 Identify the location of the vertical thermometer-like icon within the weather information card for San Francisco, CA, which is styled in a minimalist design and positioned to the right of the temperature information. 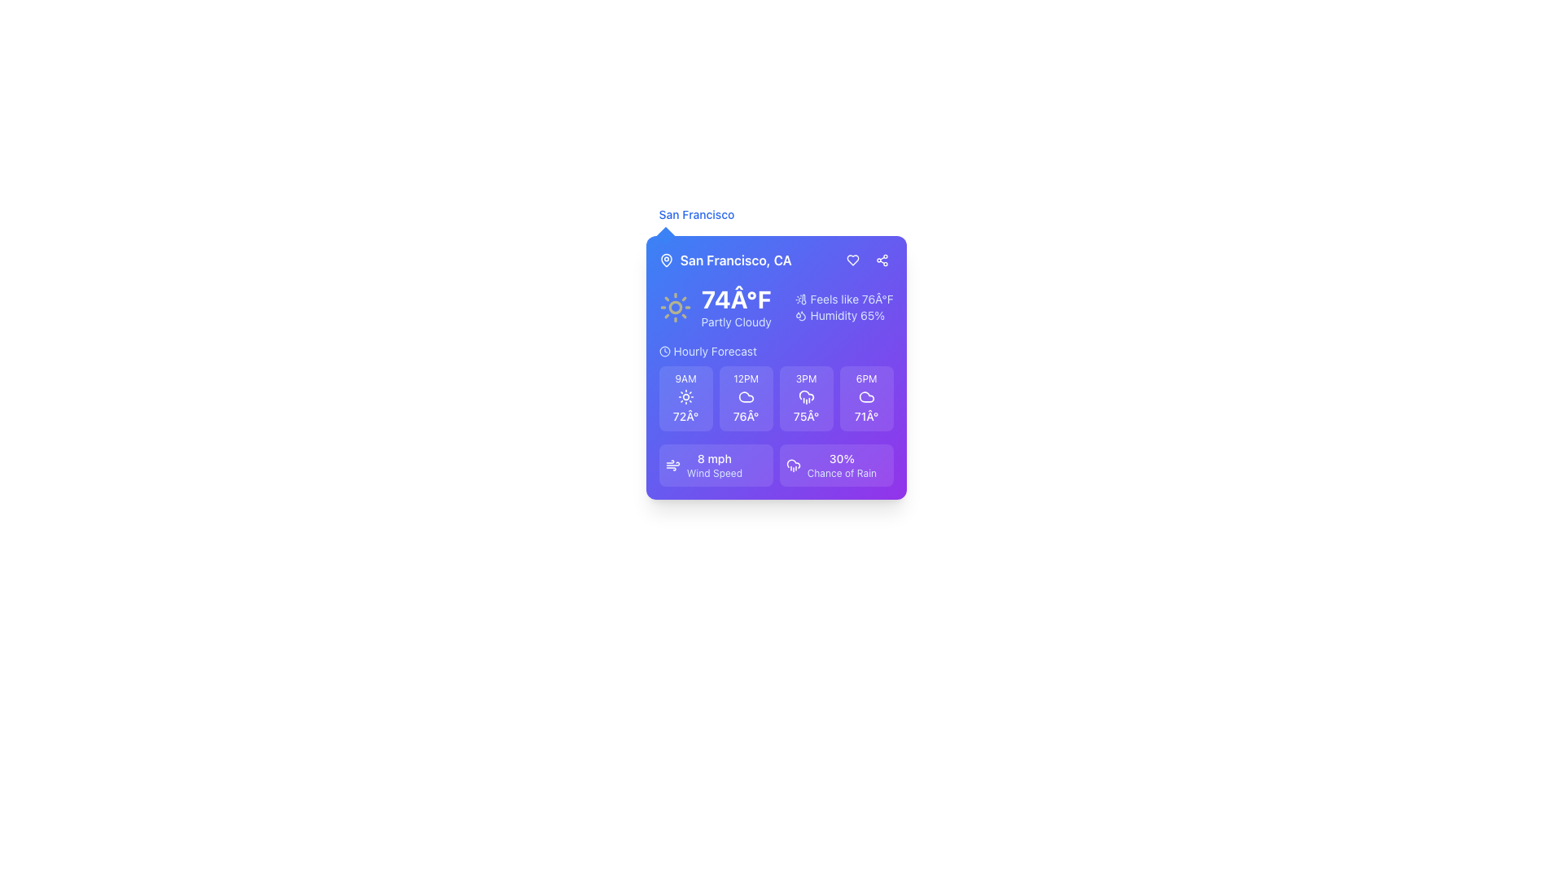
(804, 299).